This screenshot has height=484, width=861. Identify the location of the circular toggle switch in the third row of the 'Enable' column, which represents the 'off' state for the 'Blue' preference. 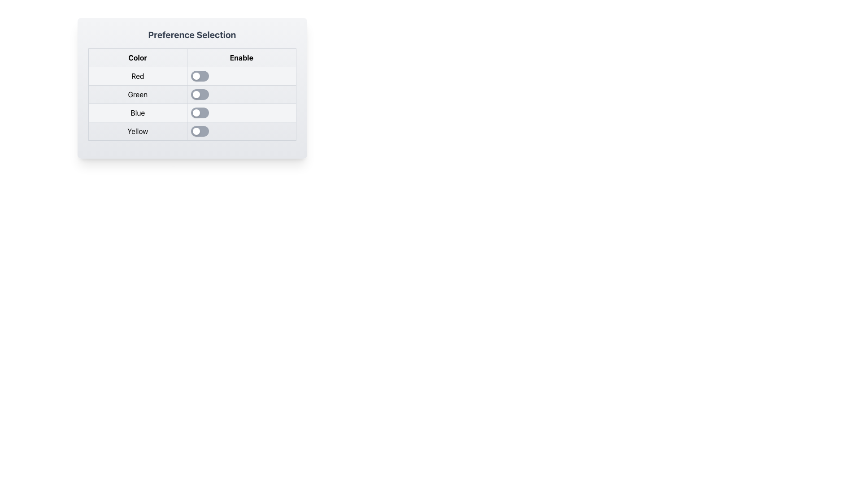
(196, 112).